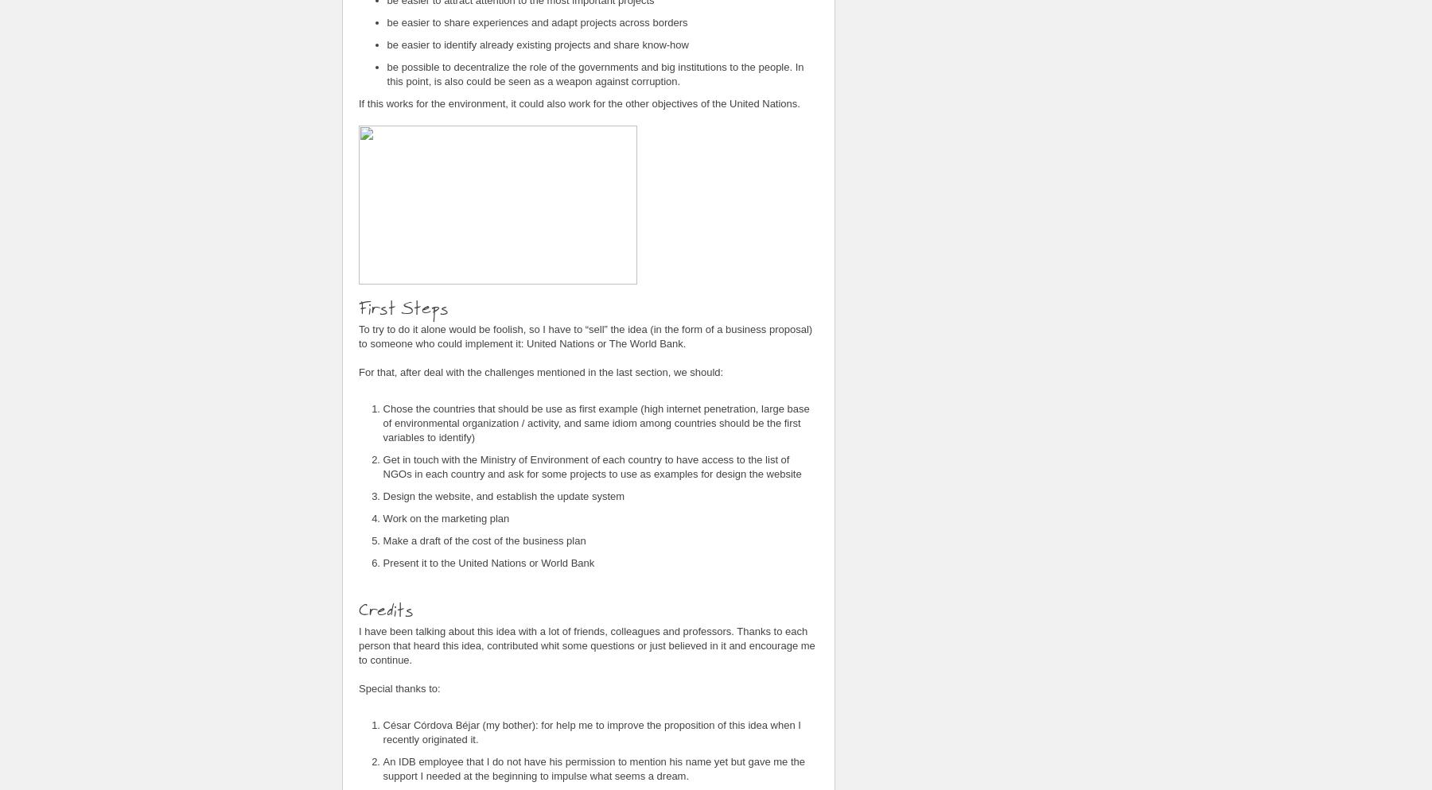  What do you see at coordinates (537, 21) in the screenshot?
I see `'be easier to share experiences and adapt projects across borders'` at bounding box center [537, 21].